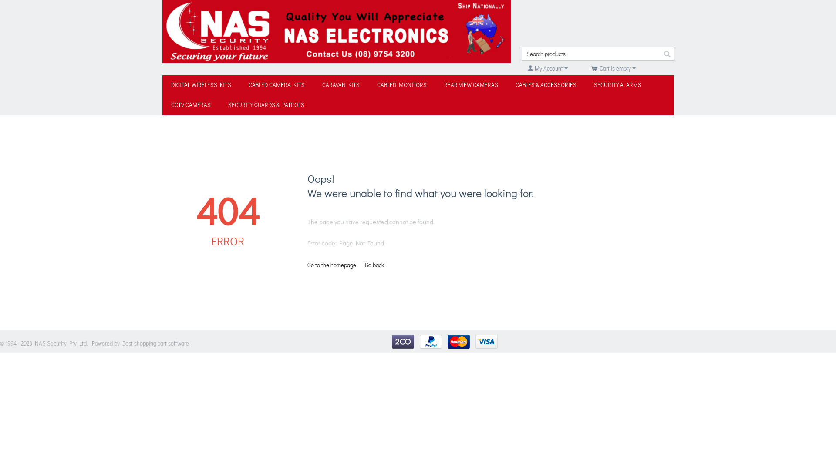  I want to click on 'Go back', so click(374, 264).